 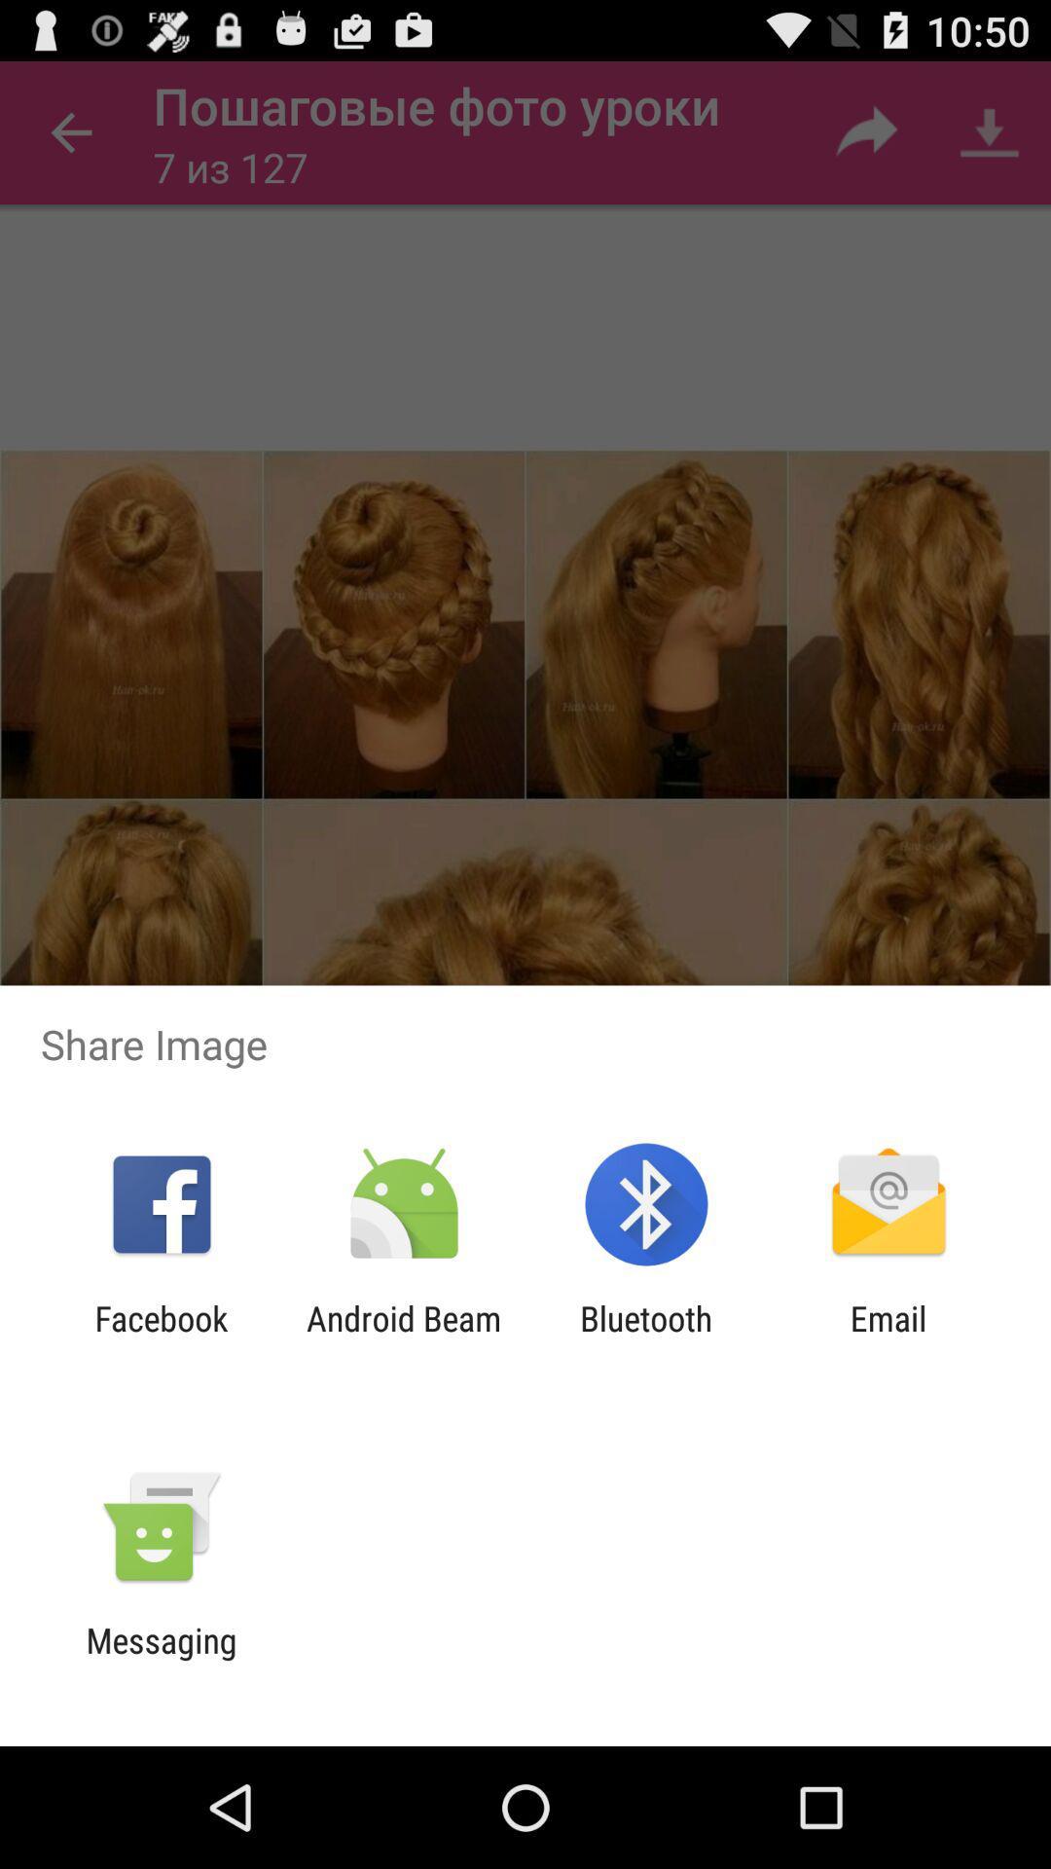 What do you see at coordinates (646, 1338) in the screenshot?
I see `item to the left of the email app` at bounding box center [646, 1338].